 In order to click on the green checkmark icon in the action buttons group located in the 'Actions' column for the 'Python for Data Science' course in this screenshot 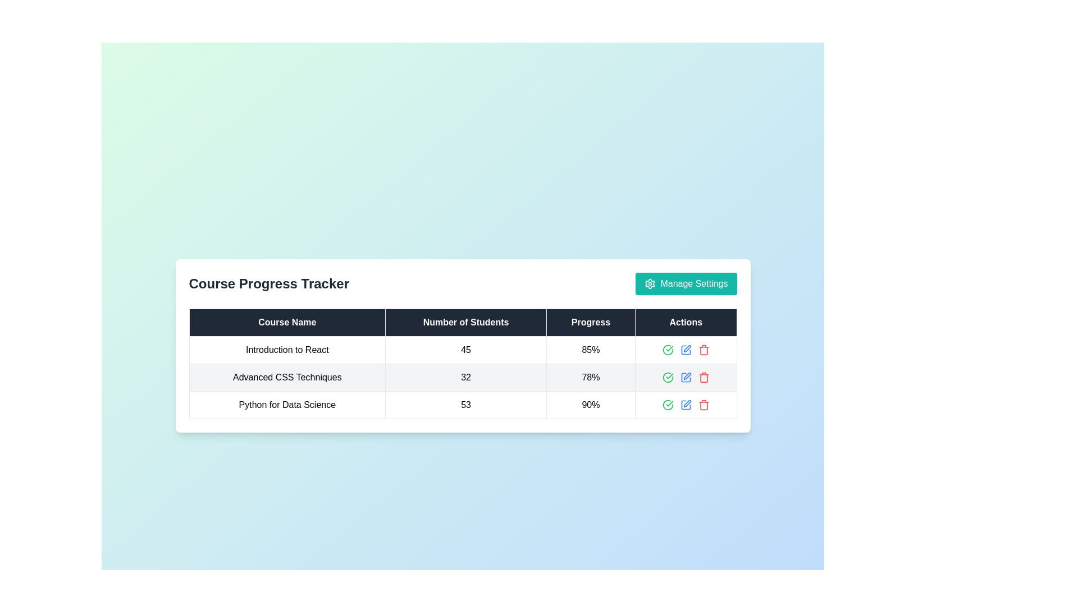, I will do `click(685, 405)`.